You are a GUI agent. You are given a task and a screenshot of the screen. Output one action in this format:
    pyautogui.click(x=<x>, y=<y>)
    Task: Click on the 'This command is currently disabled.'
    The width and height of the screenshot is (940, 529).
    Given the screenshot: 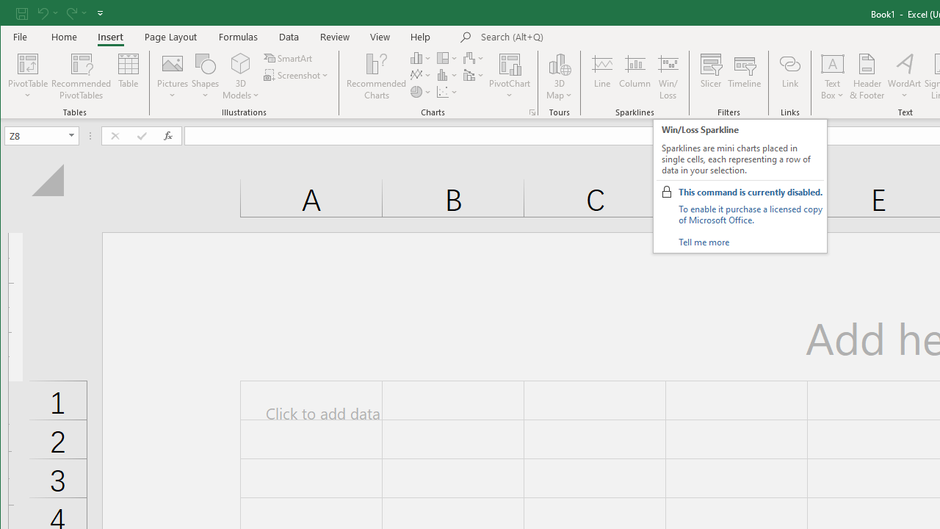 What is the action you would take?
    pyautogui.click(x=751, y=191)
    